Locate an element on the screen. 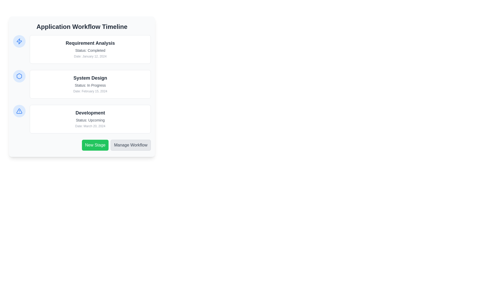 The height and width of the screenshot is (281, 501). the static text indicating the status 'Upcoming' within the 'Development' card is located at coordinates (90, 120).